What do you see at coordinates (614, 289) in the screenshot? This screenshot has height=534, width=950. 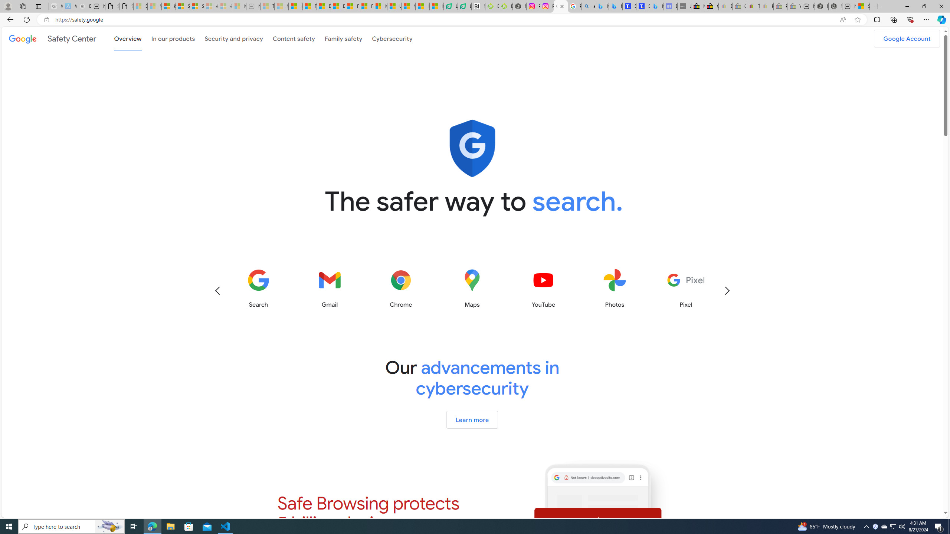 I see `'Photos'` at bounding box center [614, 289].